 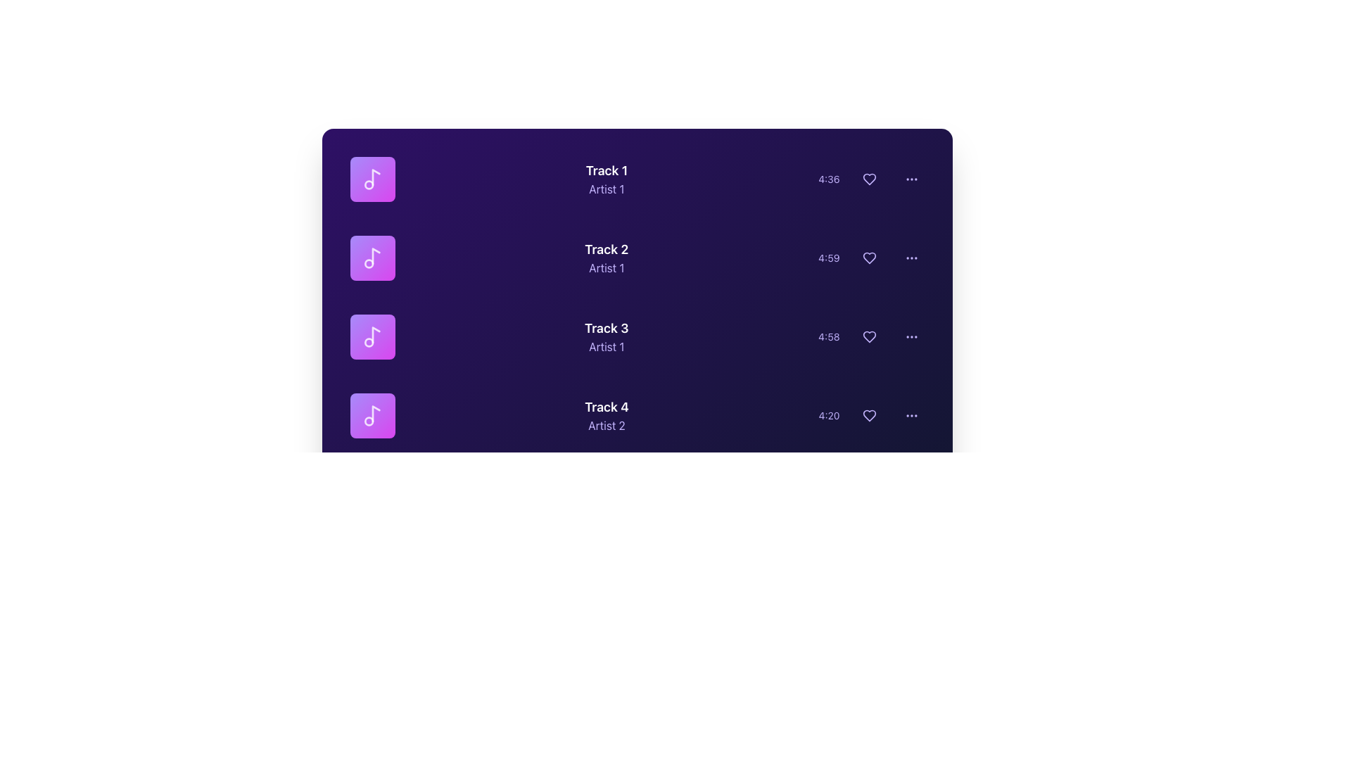 I want to click on the Text label indicating the artist's name for 'Track 4' in the music list, located below the text 'Track 4', so click(x=607, y=425).